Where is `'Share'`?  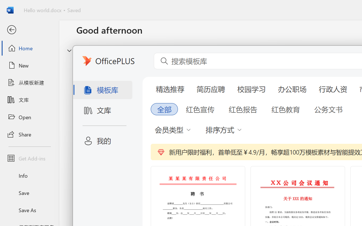 'Share' is located at coordinates (29, 134).